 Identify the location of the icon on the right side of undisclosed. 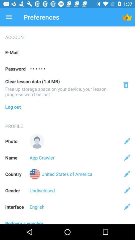
(127, 190).